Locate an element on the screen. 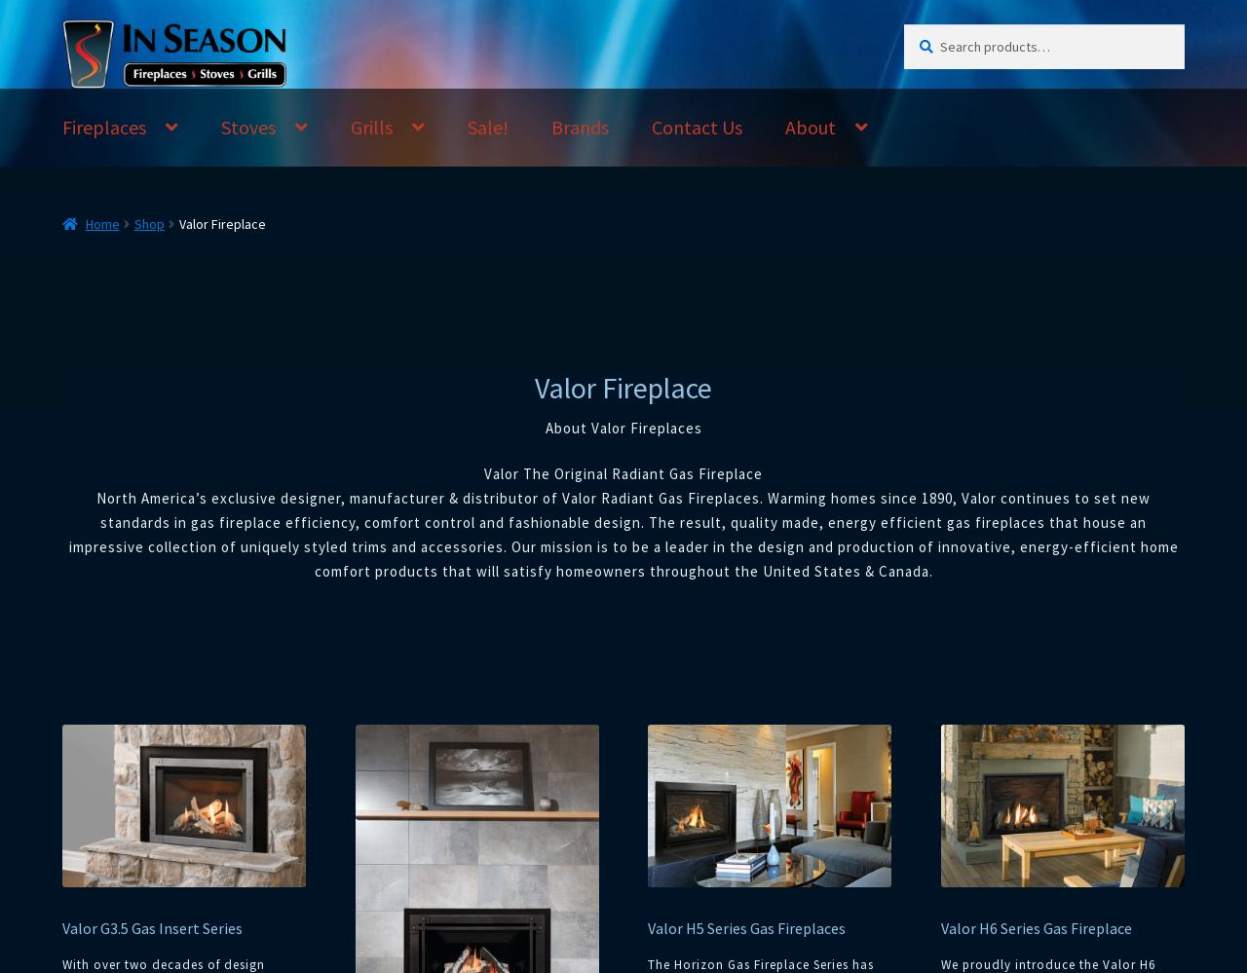  'Grills' is located at coordinates (350, 127).